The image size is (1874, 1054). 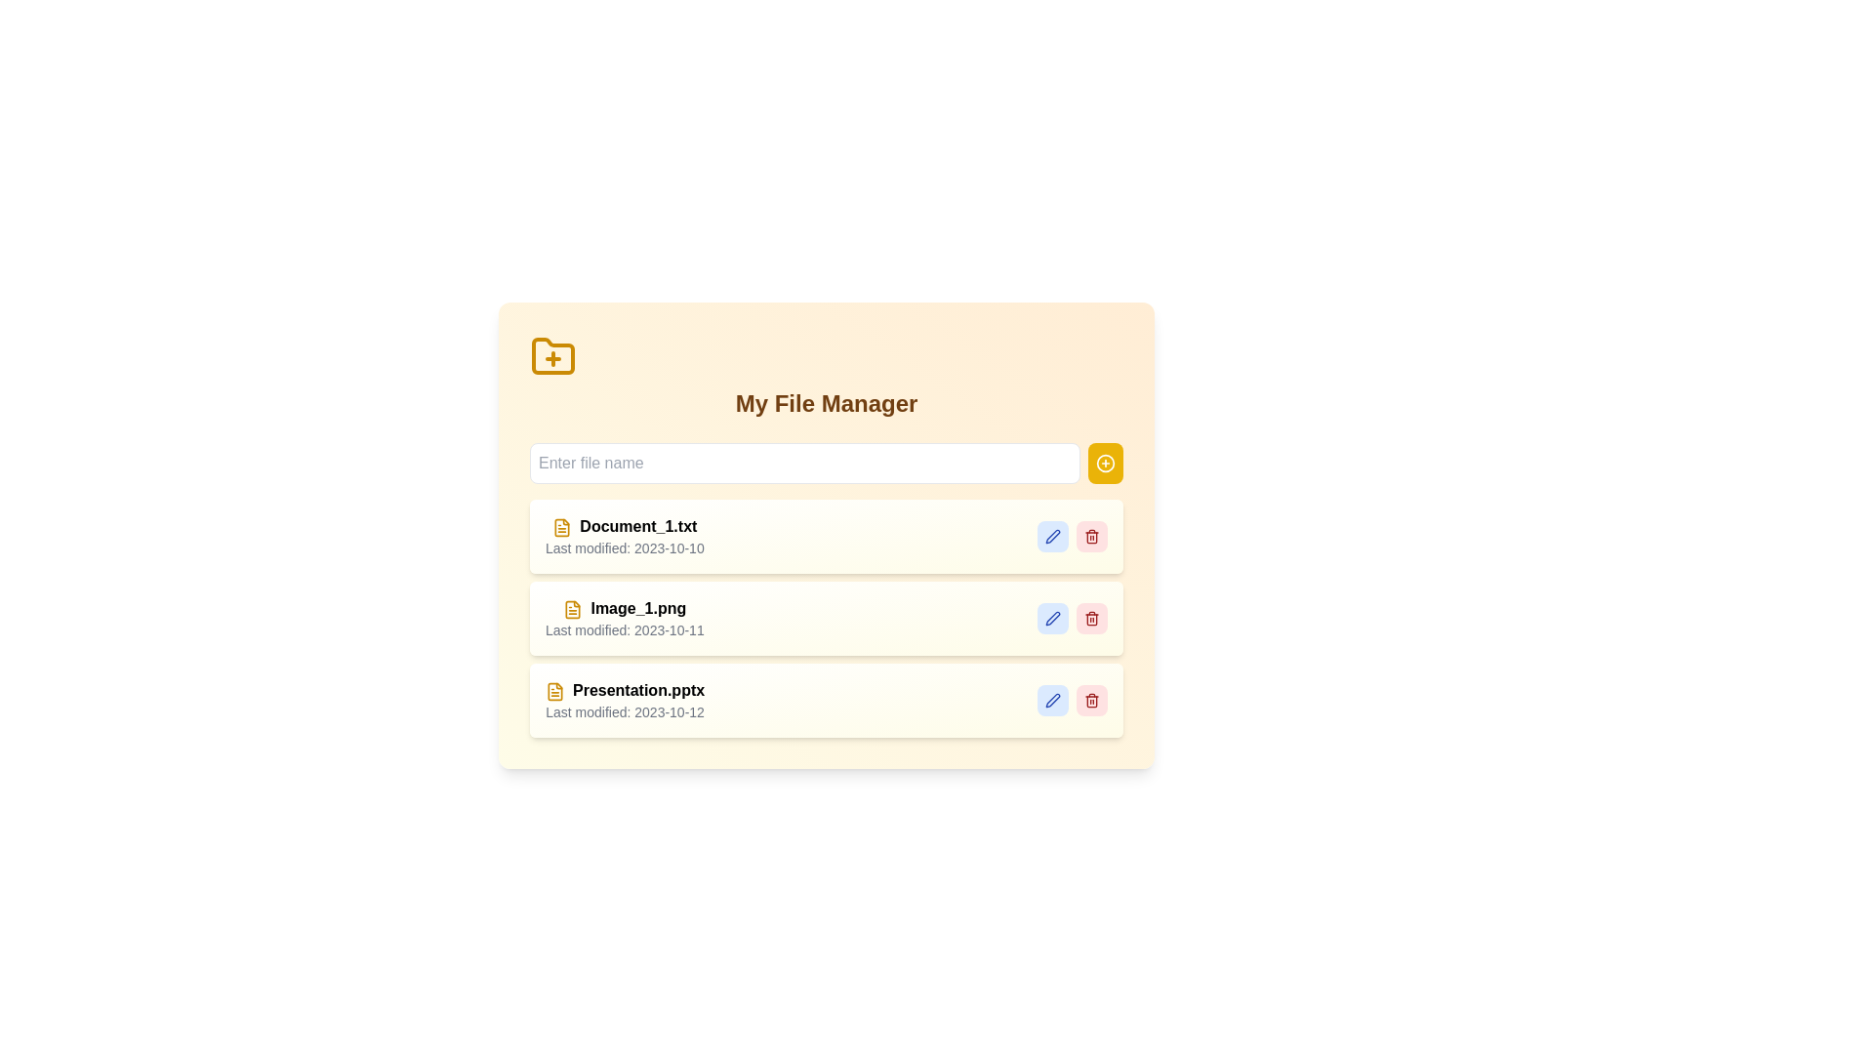 What do you see at coordinates (1052, 618) in the screenshot?
I see `the edit button icon shaped like a pen with a blue background, located adjacent to the 'Image_1.png' list item` at bounding box center [1052, 618].